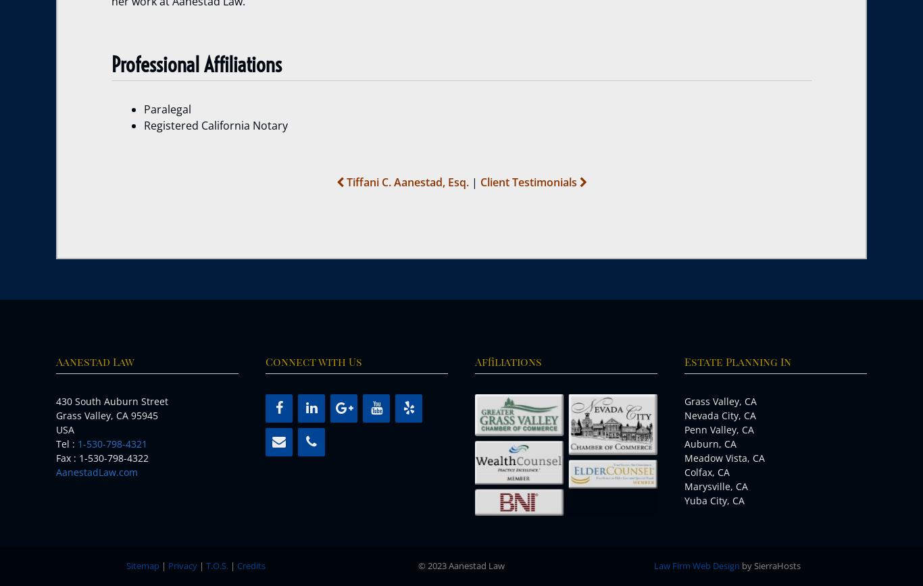 The width and height of the screenshot is (923, 586). Describe the element at coordinates (56, 472) in the screenshot. I see `'AanestadLaw.com'` at that location.